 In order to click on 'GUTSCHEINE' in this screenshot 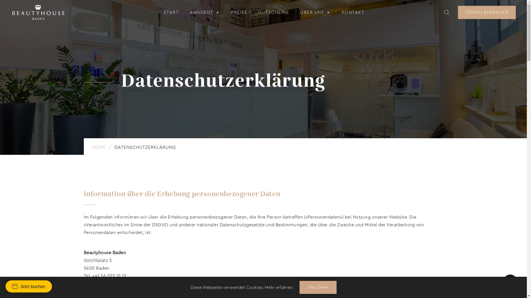, I will do `click(274, 12)`.